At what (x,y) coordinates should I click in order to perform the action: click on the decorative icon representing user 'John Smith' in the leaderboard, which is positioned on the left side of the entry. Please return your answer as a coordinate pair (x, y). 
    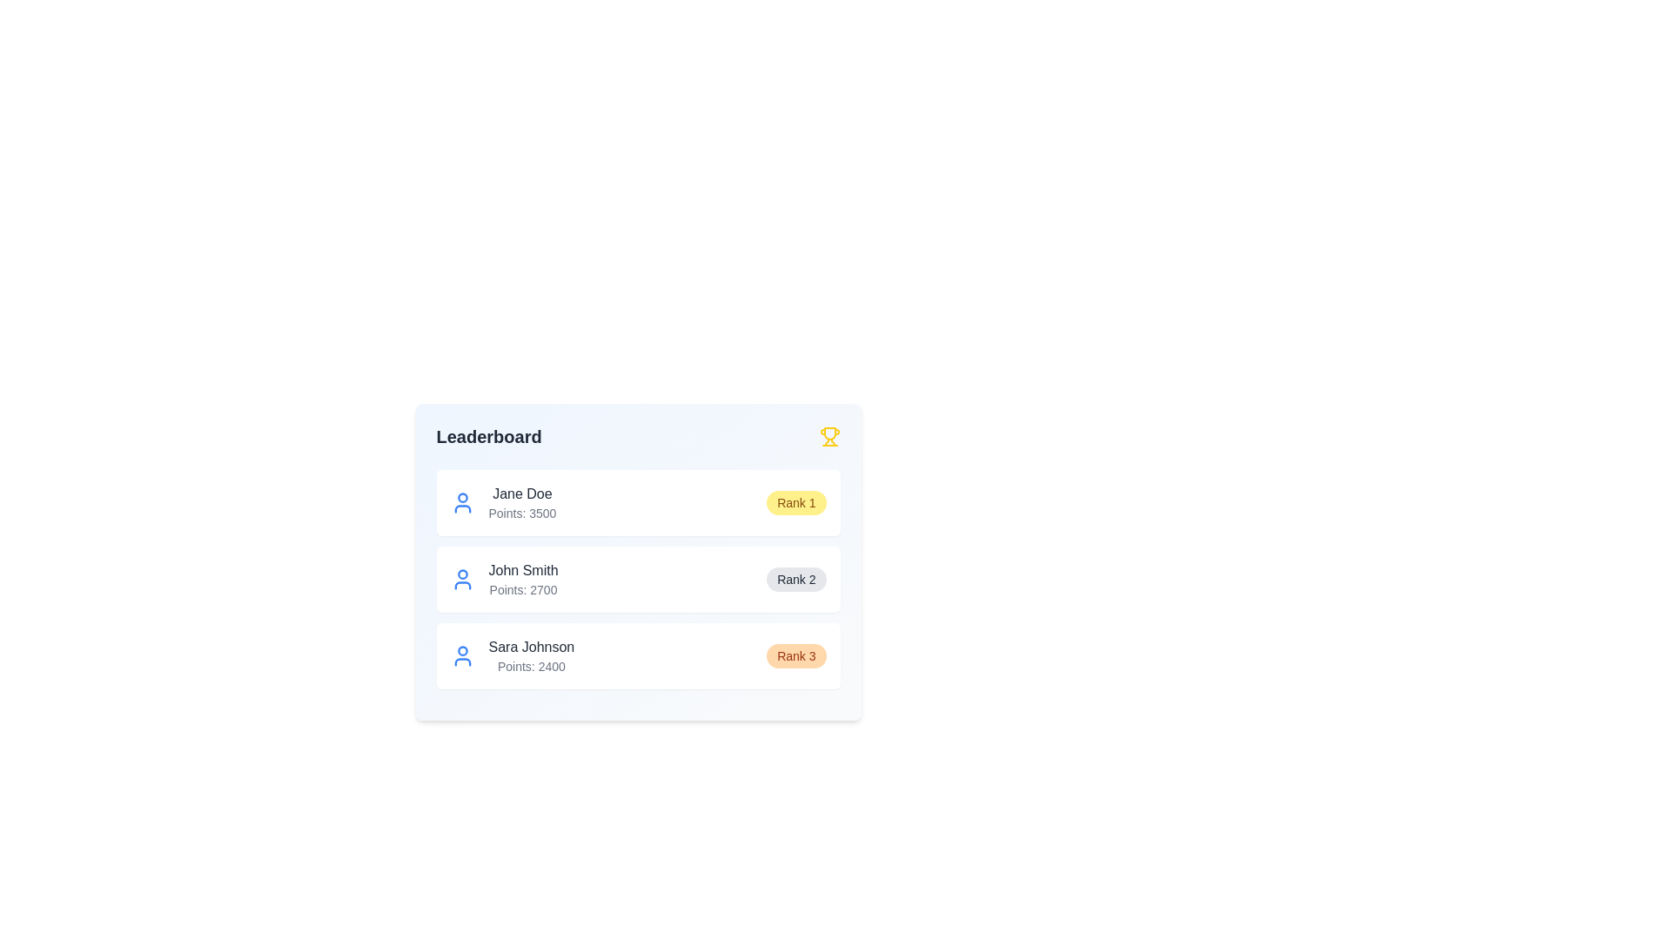
    Looking at the image, I should click on (462, 580).